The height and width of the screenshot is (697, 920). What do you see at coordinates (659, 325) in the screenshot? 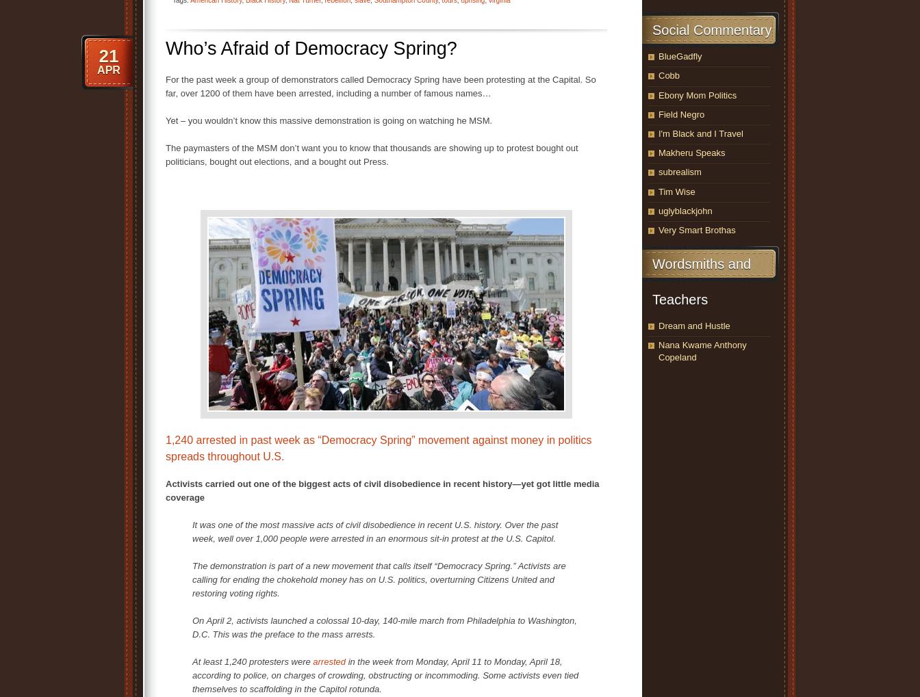
I see `'Dream and Hustle'` at bounding box center [659, 325].